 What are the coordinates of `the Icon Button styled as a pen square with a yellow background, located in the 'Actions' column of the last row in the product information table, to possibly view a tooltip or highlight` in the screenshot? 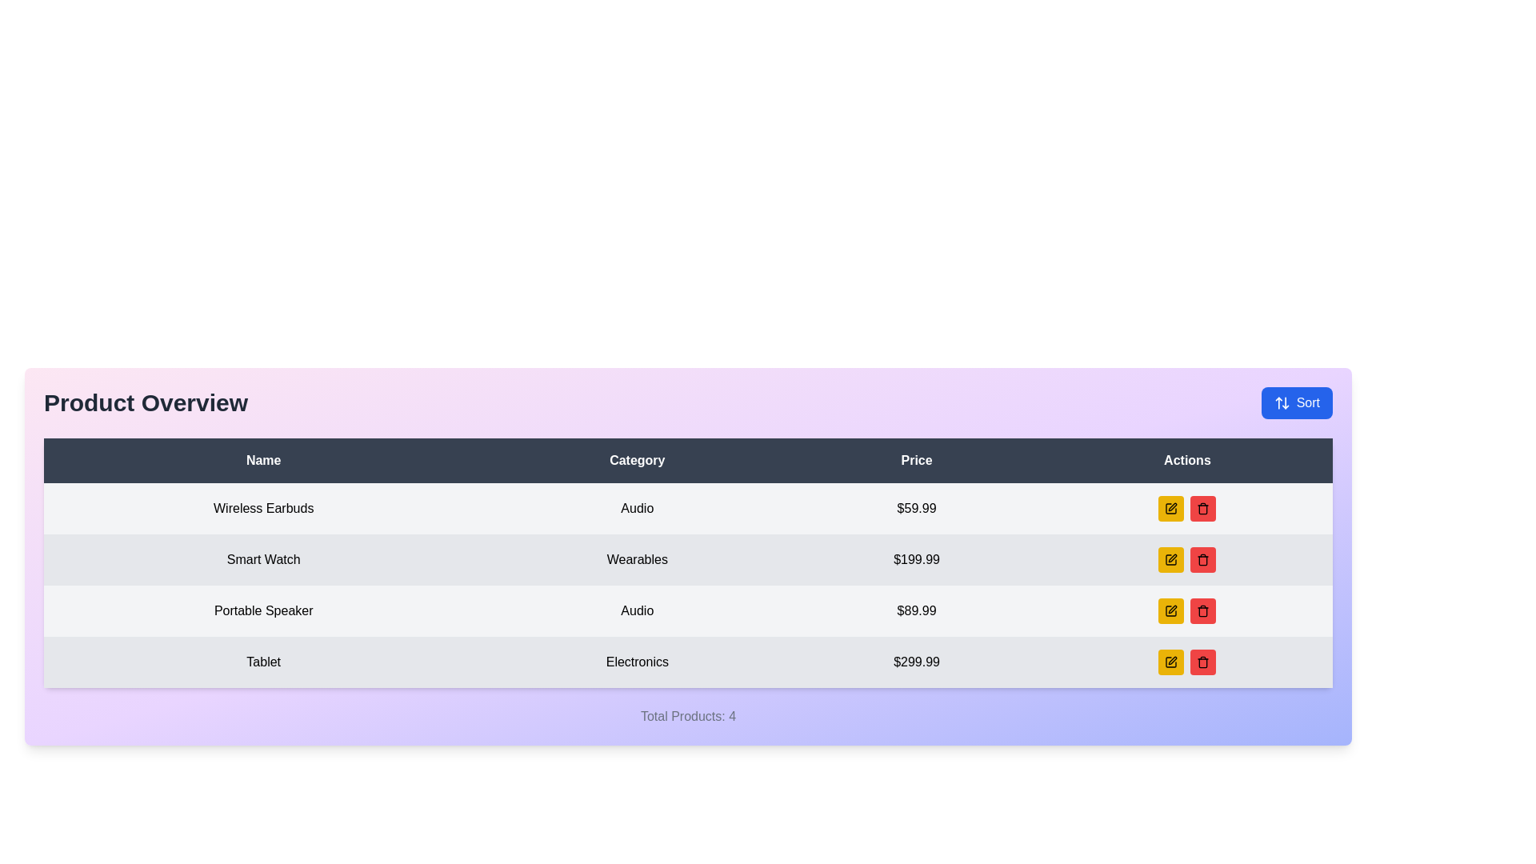 It's located at (1171, 610).